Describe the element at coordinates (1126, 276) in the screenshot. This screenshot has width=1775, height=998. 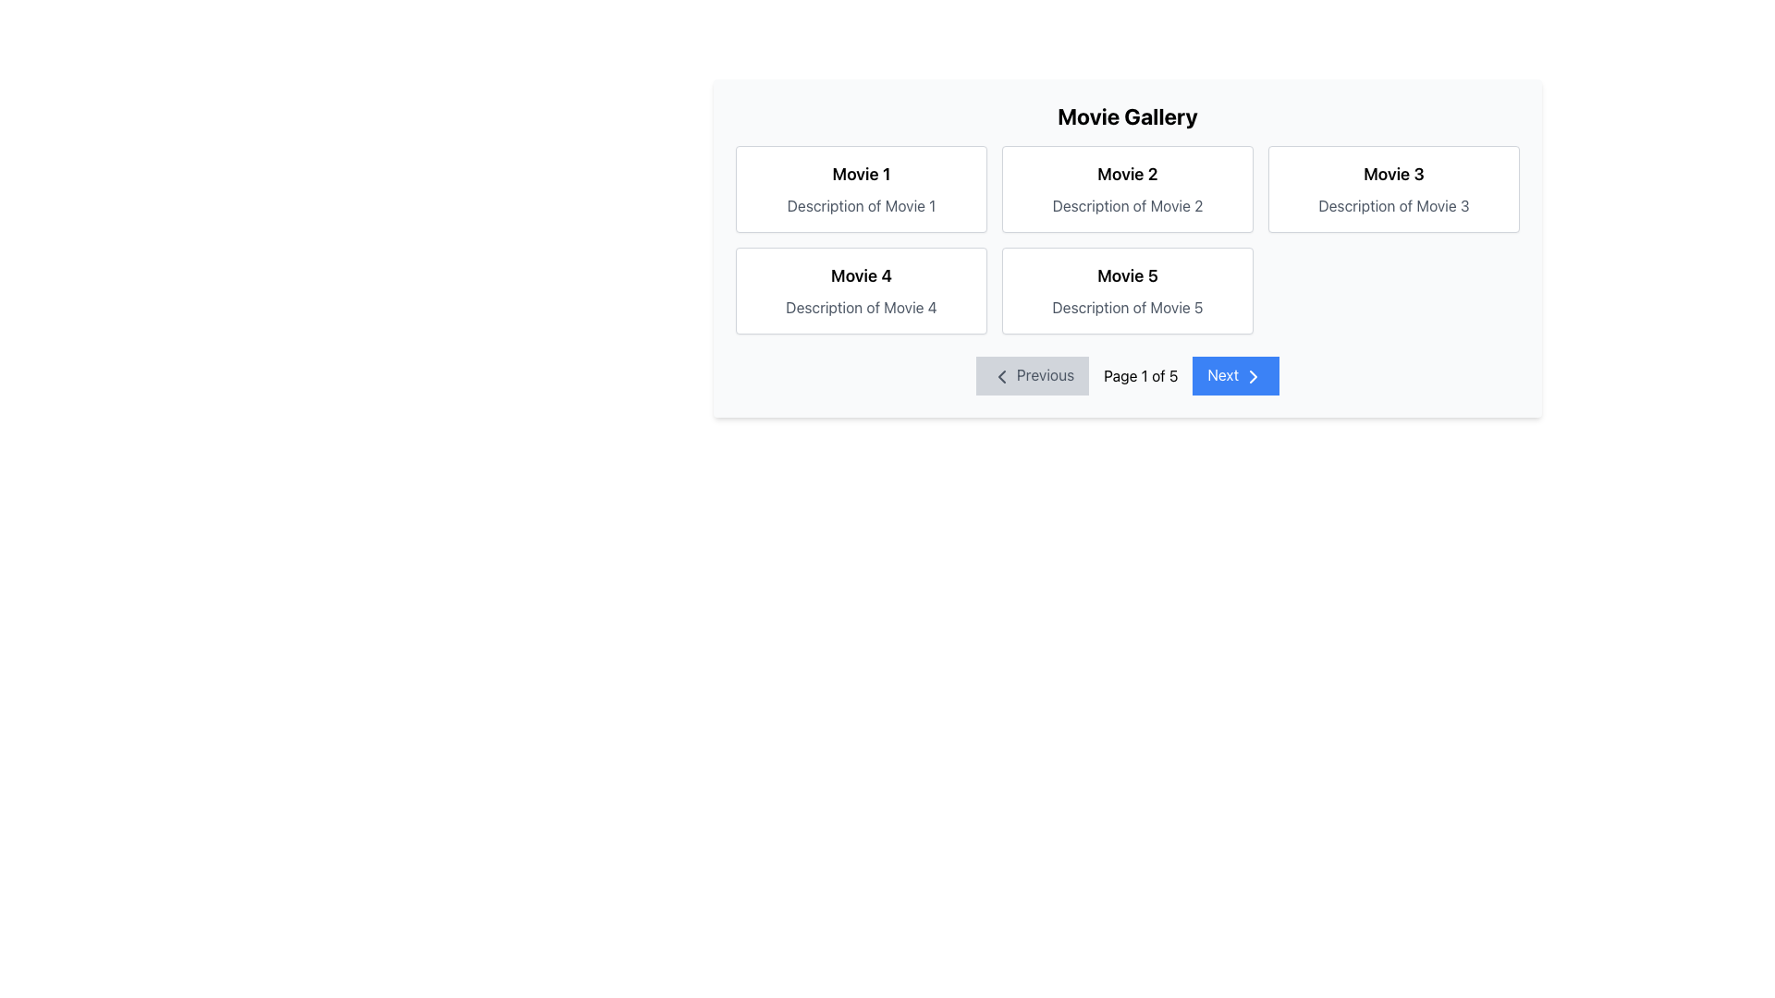
I see `the 'Movie 5' text label, which is bold and centered in a box with a white background, located on the right-hand side of the second row in a grid layout` at that location.